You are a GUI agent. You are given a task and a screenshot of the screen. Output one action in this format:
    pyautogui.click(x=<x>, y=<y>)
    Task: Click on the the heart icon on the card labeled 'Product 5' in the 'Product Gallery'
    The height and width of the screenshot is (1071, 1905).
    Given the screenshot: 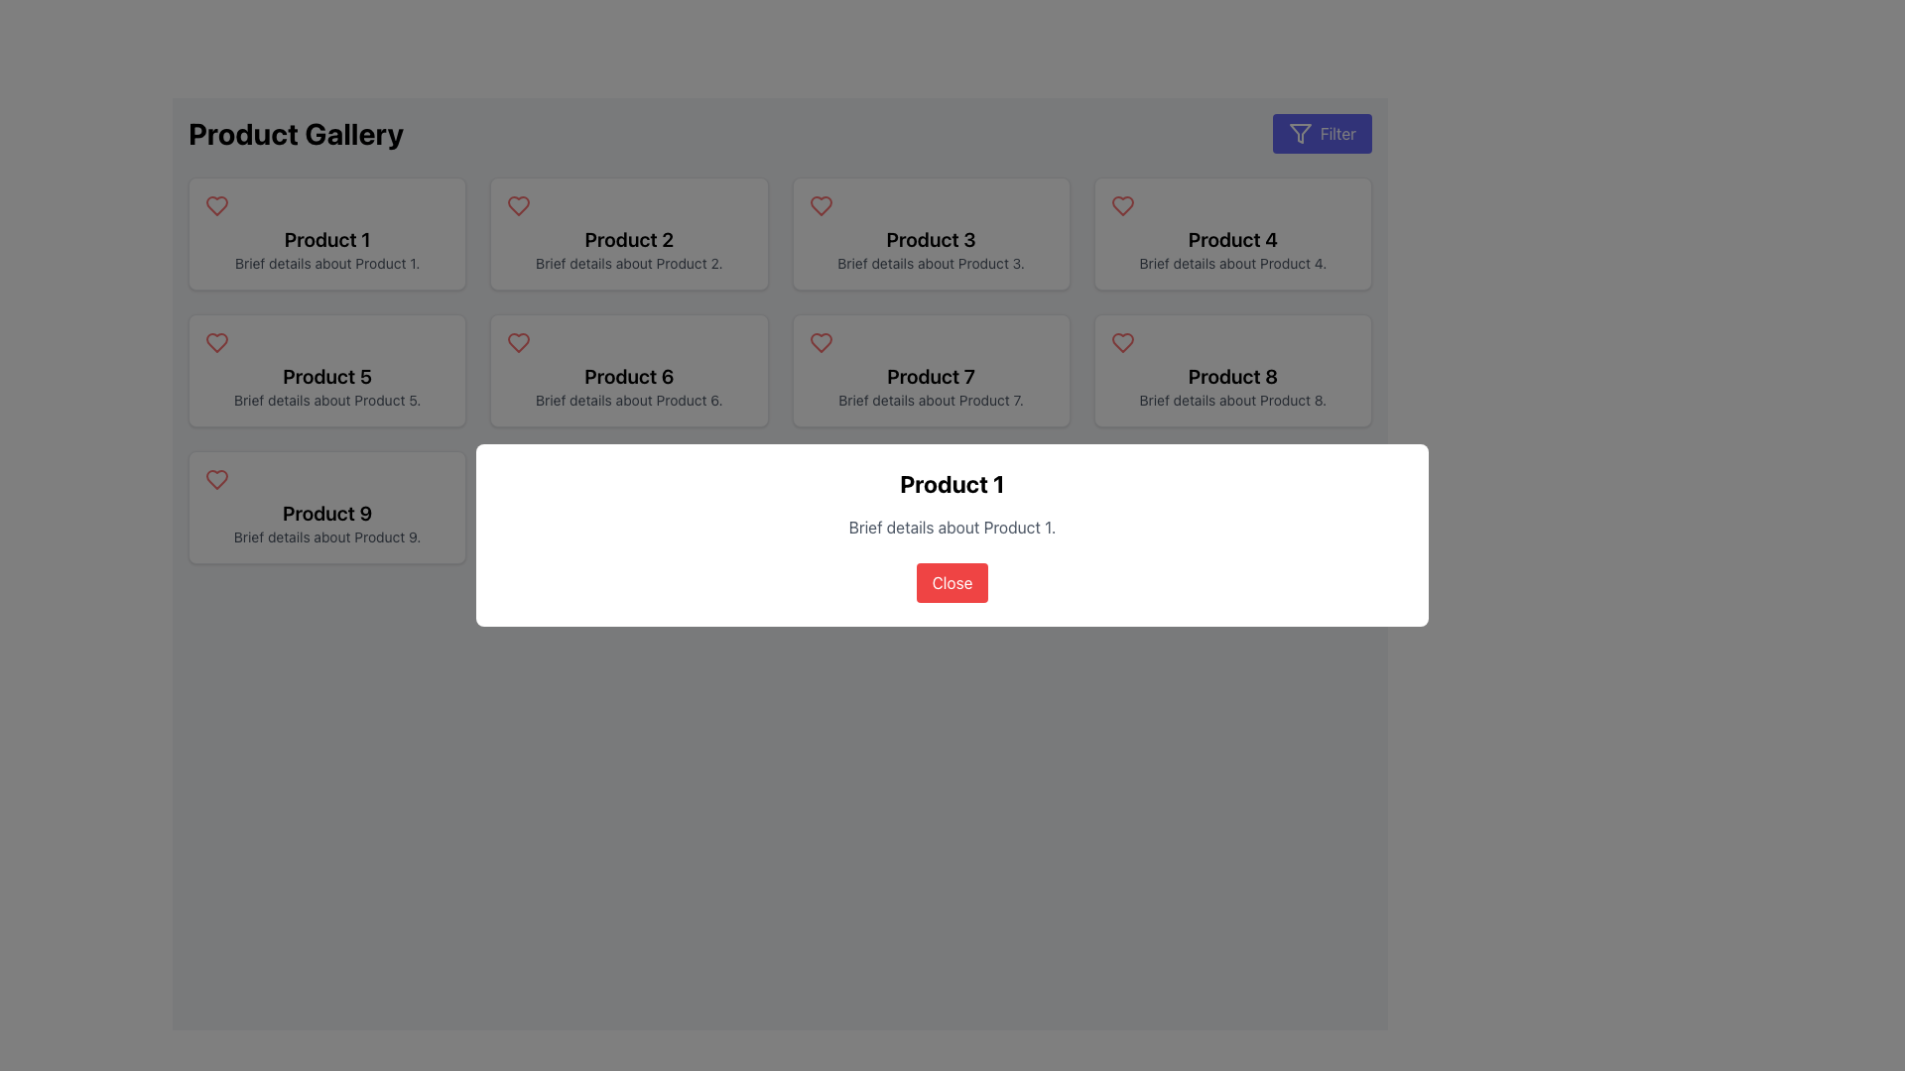 What is the action you would take?
    pyautogui.click(x=217, y=342)
    